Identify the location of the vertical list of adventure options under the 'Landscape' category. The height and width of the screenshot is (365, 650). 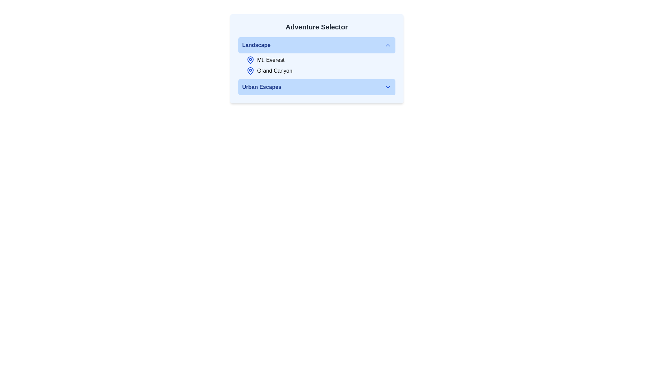
(316, 65).